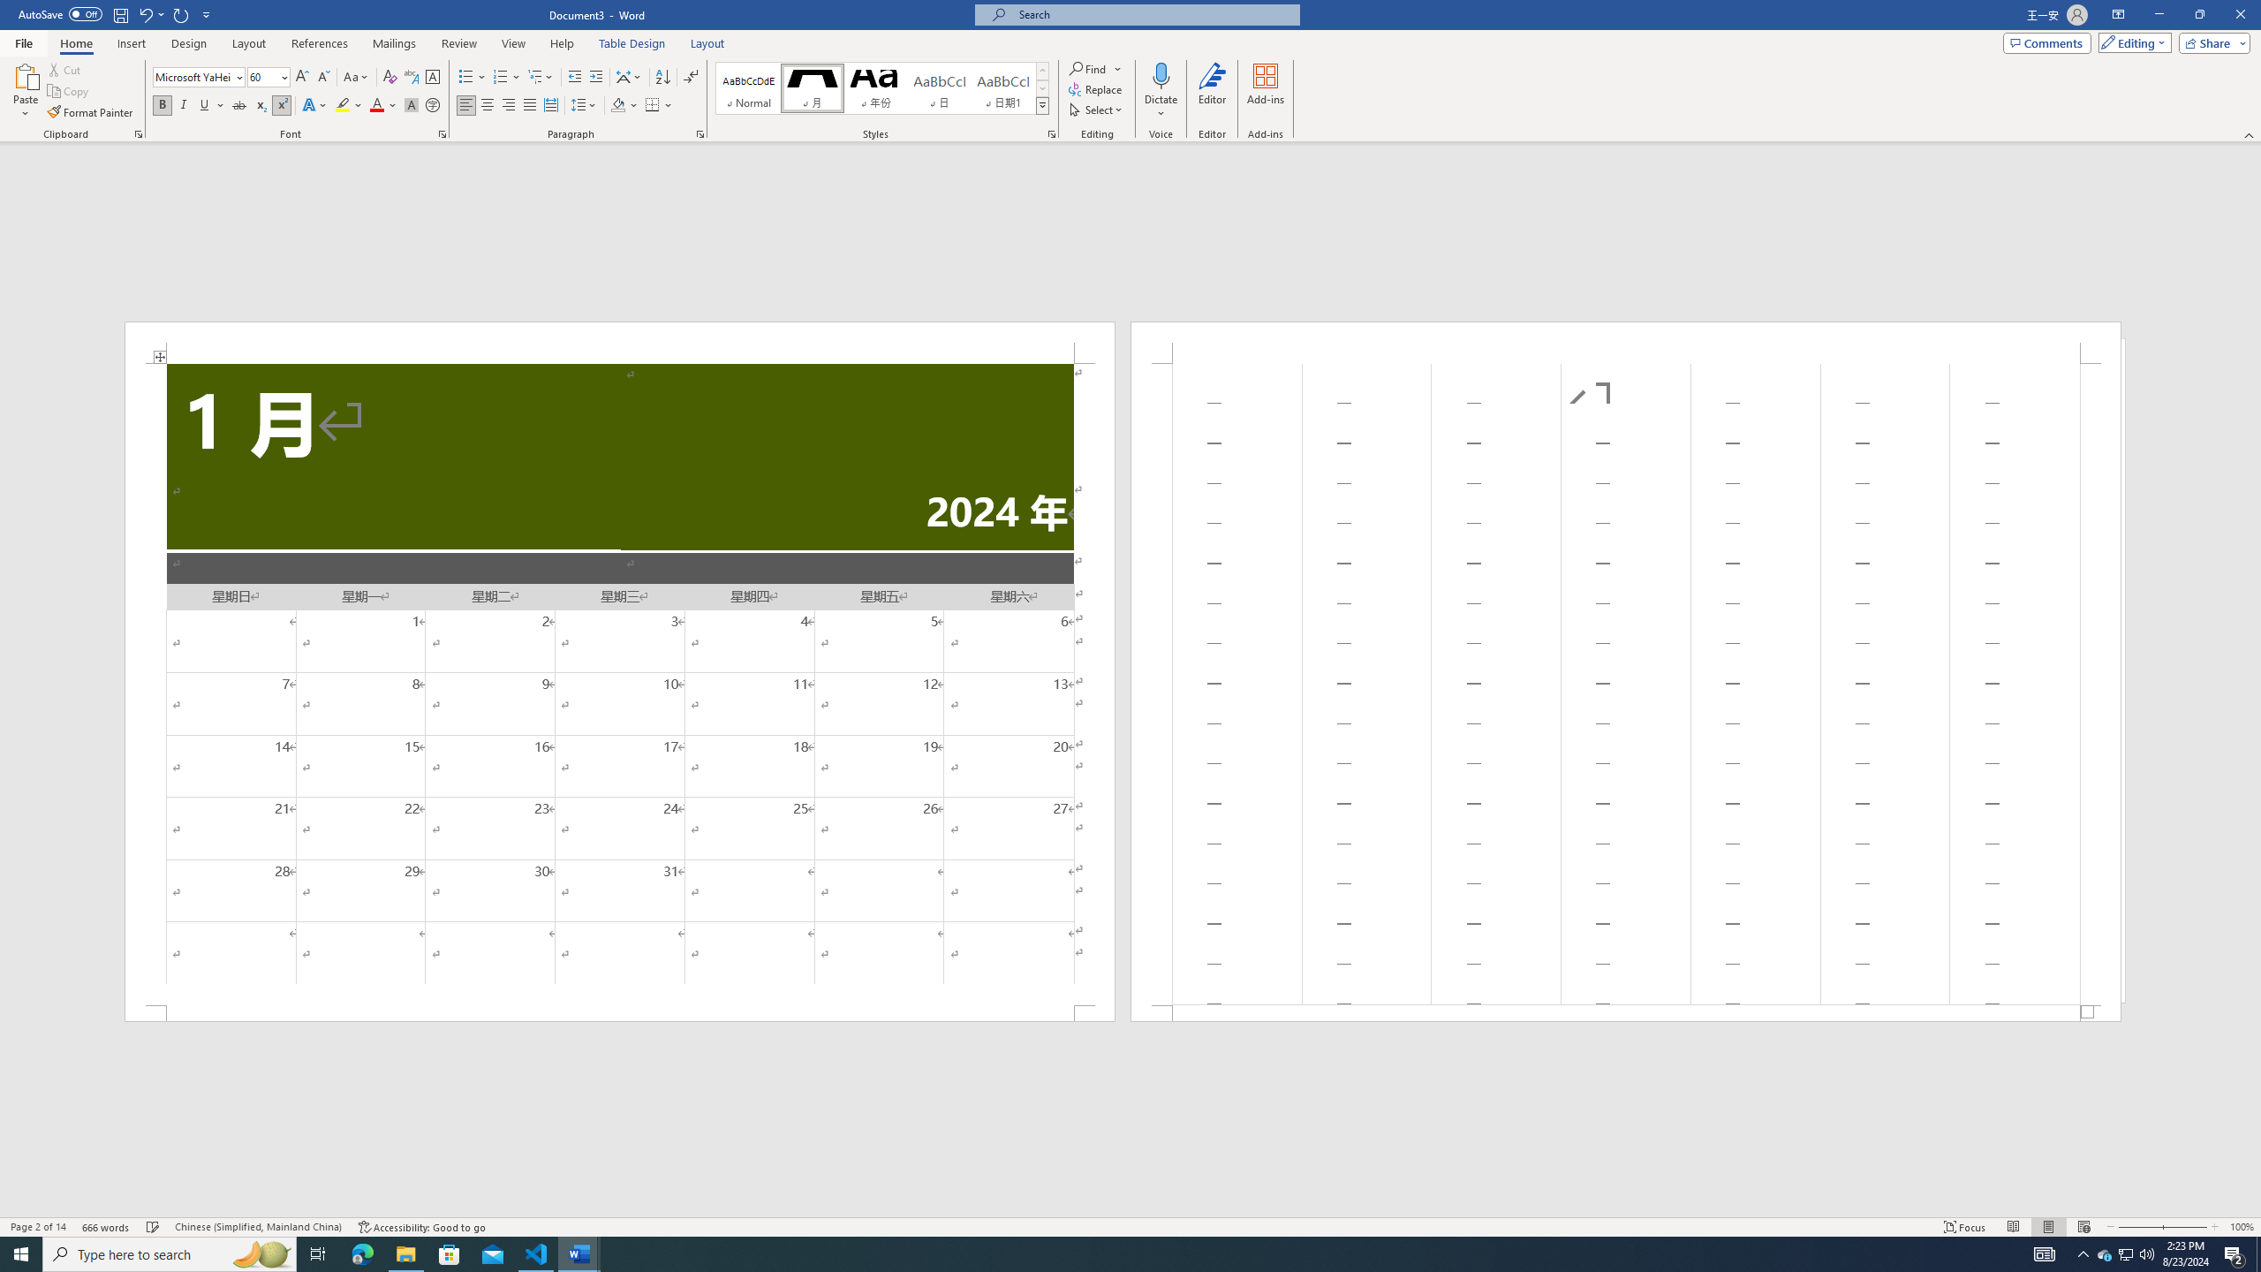  Describe the element at coordinates (211, 104) in the screenshot. I see `'Underline'` at that location.